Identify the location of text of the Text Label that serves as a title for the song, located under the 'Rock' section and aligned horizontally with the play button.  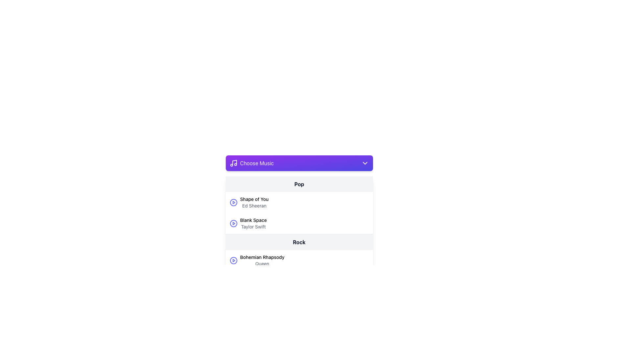
(262, 257).